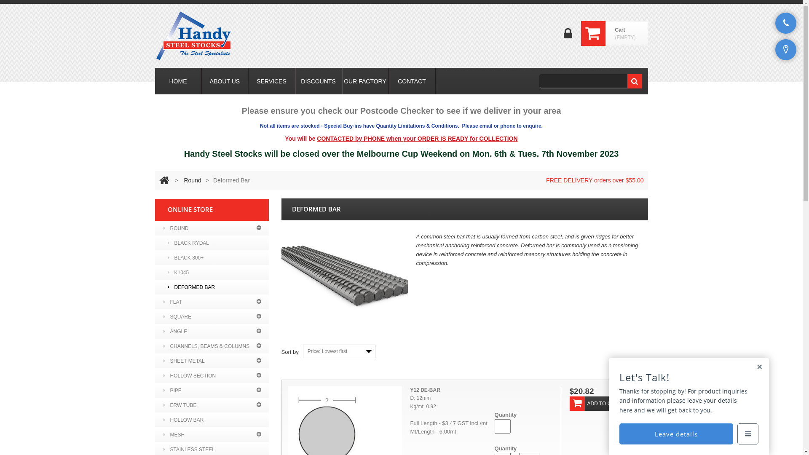  I want to click on 'PIPE', so click(212, 390).